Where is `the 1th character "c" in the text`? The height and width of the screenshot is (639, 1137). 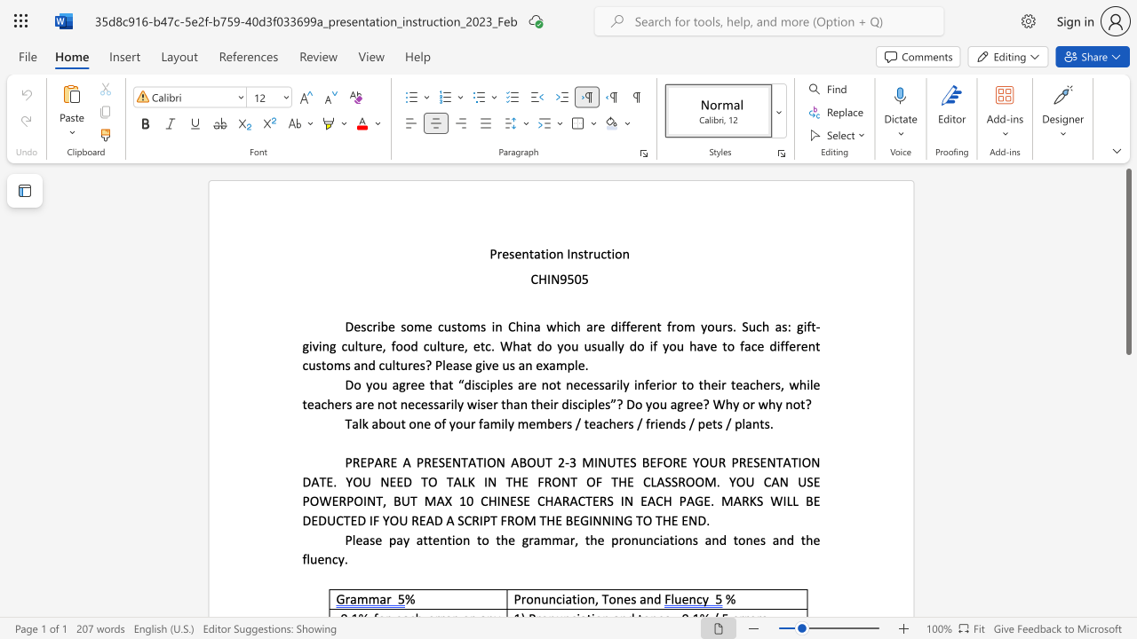 the 1th character "c" in the text is located at coordinates (603, 254).